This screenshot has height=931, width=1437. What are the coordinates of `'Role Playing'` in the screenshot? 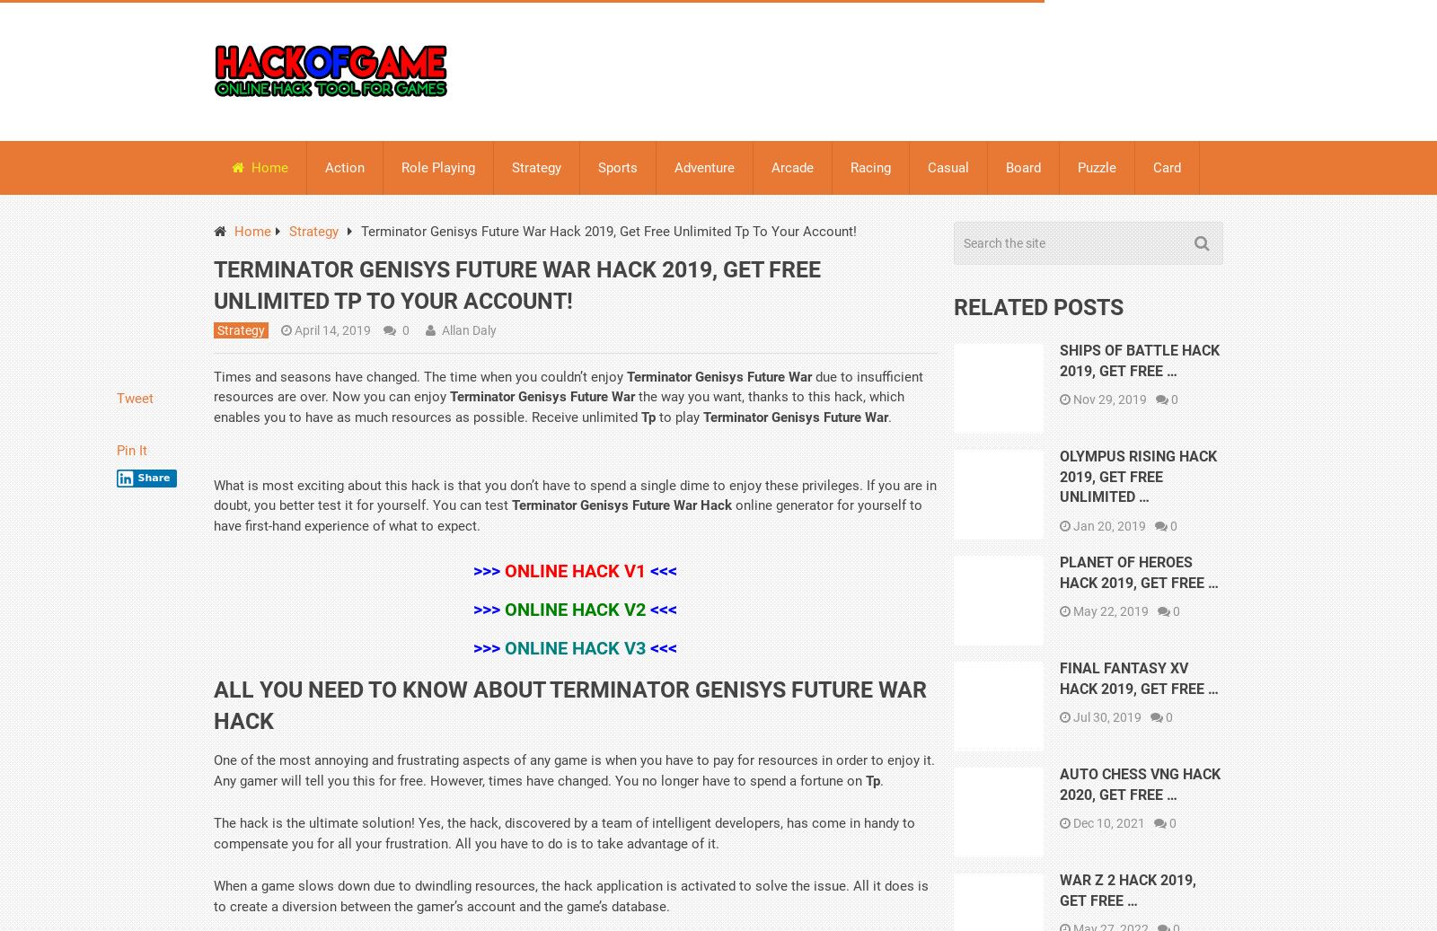 It's located at (437, 166).